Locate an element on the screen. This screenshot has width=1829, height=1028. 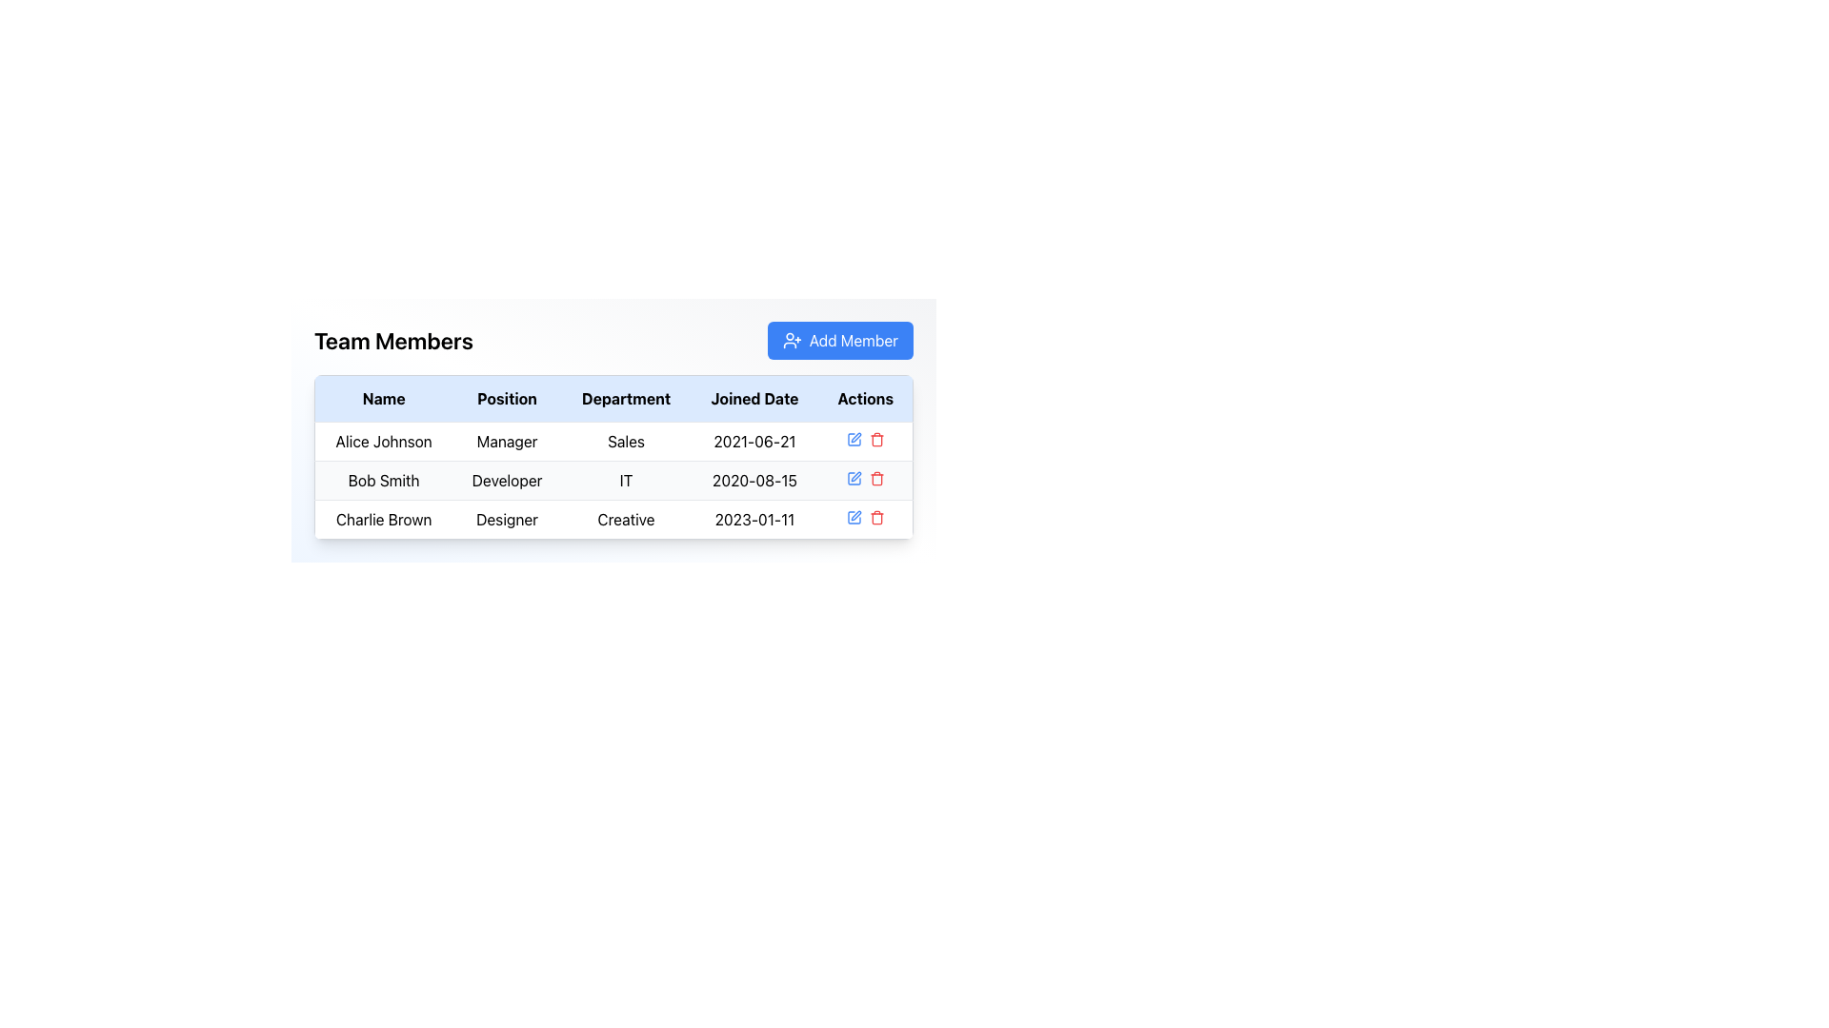
the 'Position' text header in the table, which is a bold black font on a light blue background, located between the 'Name' and 'Department' headers is located at coordinates (507, 398).